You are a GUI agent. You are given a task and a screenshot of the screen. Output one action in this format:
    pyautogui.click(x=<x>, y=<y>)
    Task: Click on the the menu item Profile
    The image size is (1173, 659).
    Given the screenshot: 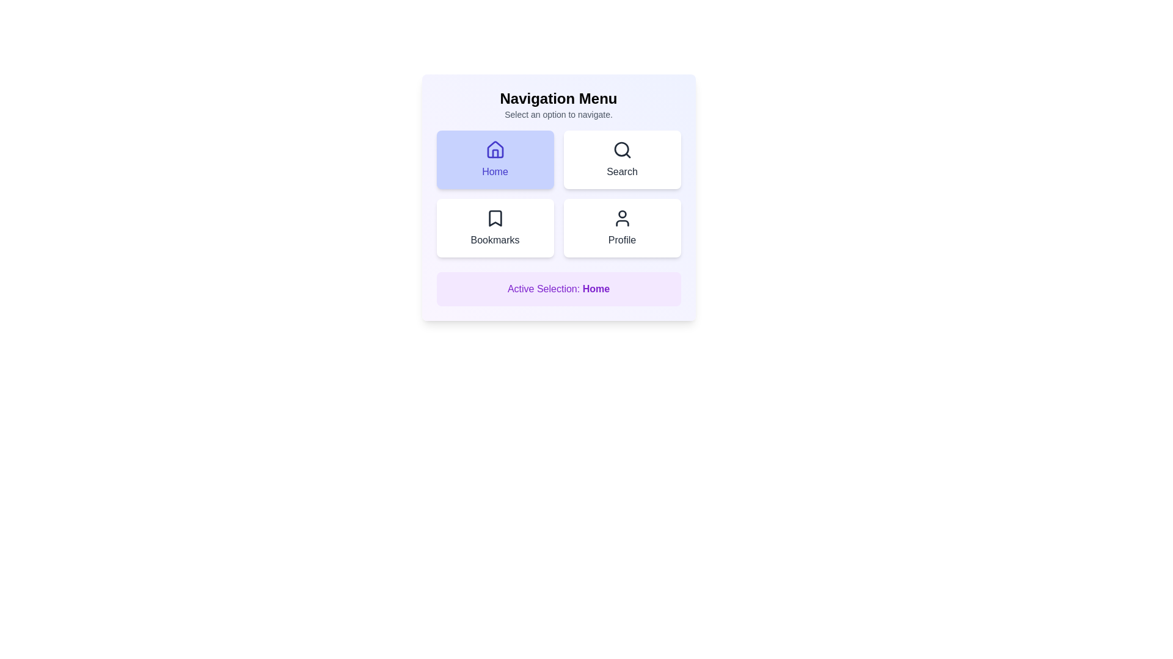 What is the action you would take?
    pyautogui.click(x=622, y=228)
    